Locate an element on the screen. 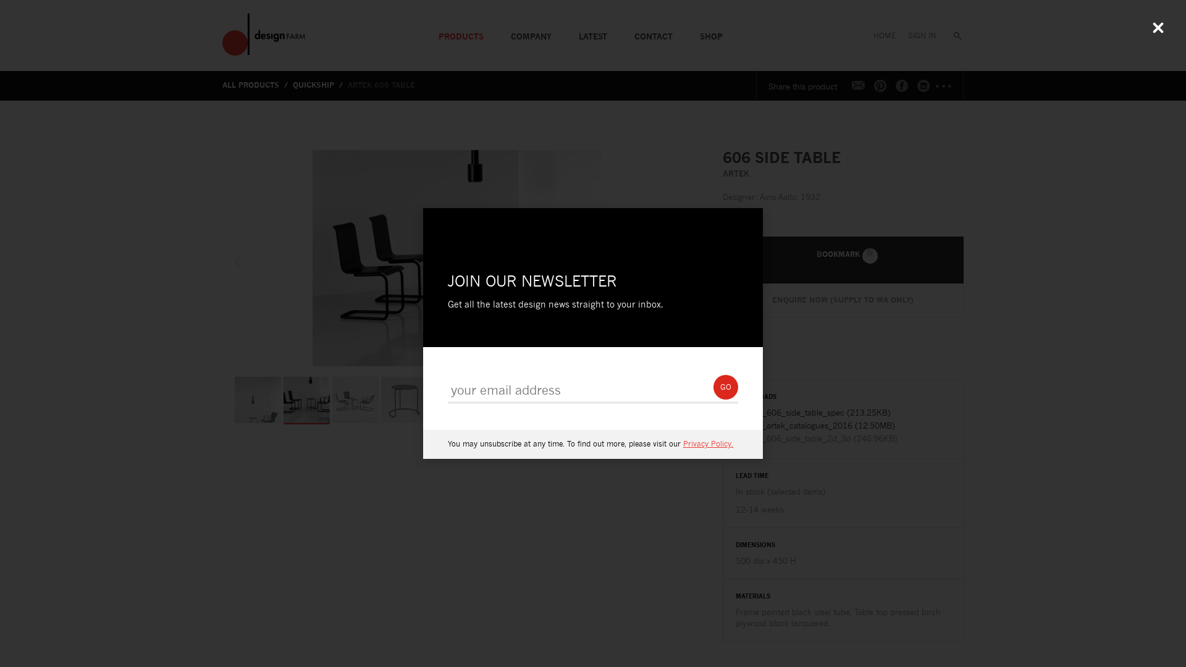 Image resolution: width=1186 pixels, height=667 pixels. 'atk_606_side_table_spec (213.25KB)' is located at coordinates (842, 412).